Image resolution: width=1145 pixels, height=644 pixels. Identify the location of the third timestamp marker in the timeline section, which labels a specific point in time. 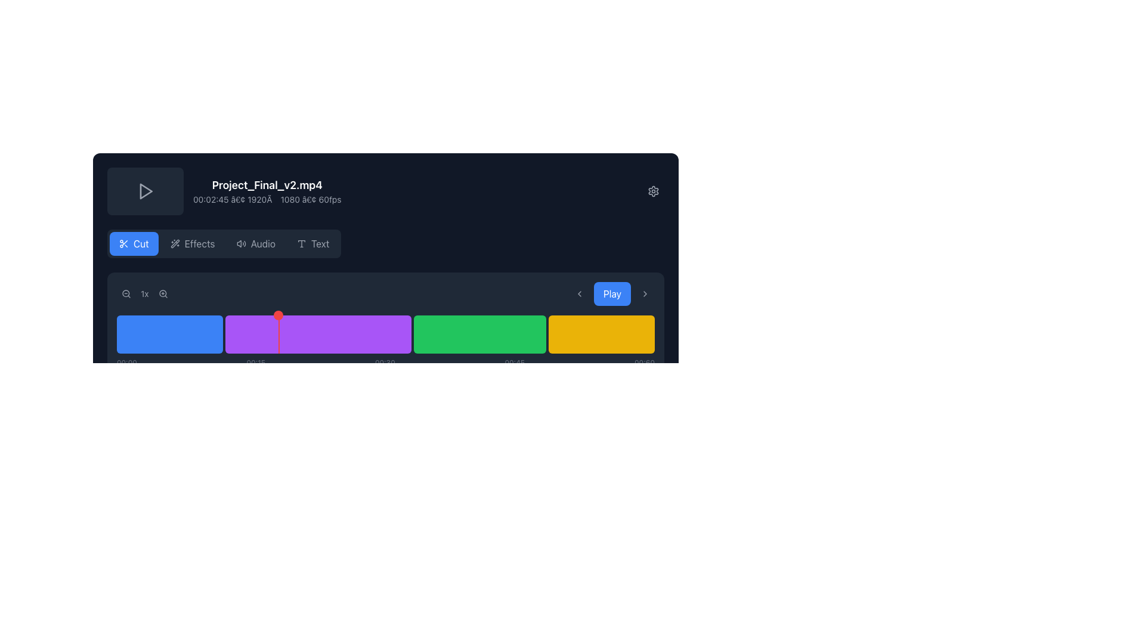
(385, 363).